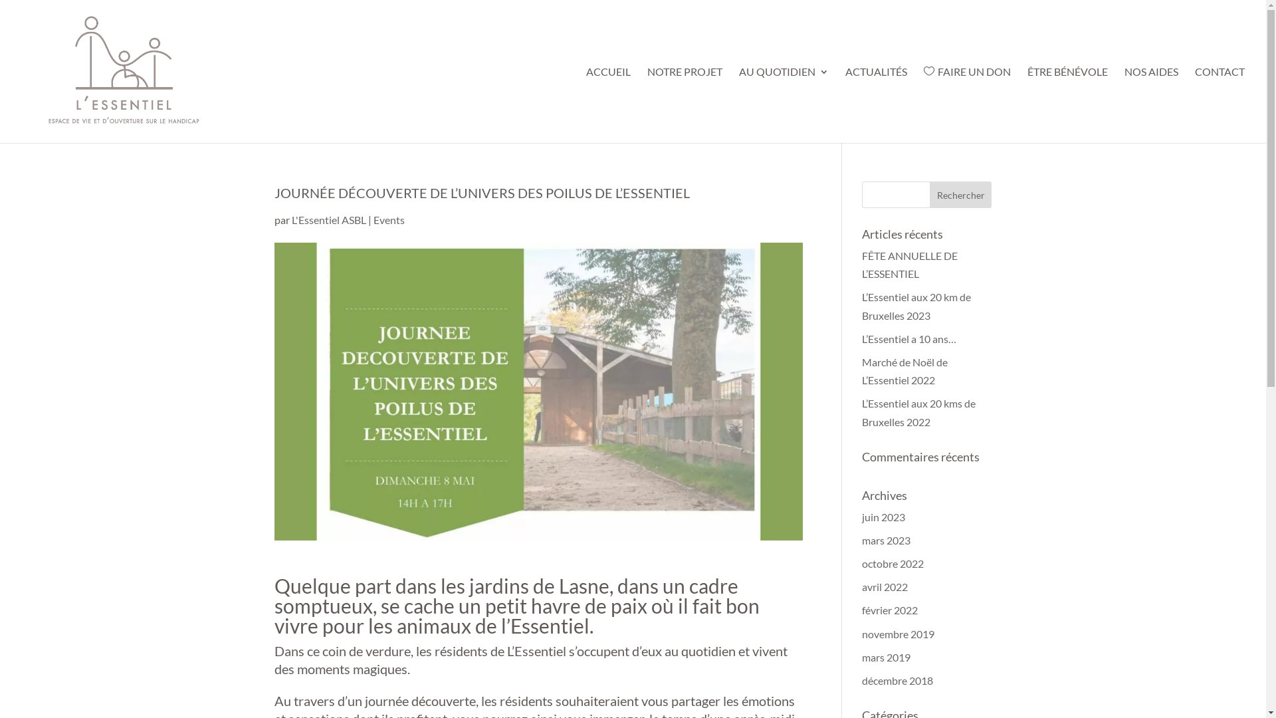 Image resolution: width=1276 pixels, height=718 pixels. What do you see at coordinates (960, 195) in the screenshot?
I see `'Rechercher'` at bounding box center [960, 195].